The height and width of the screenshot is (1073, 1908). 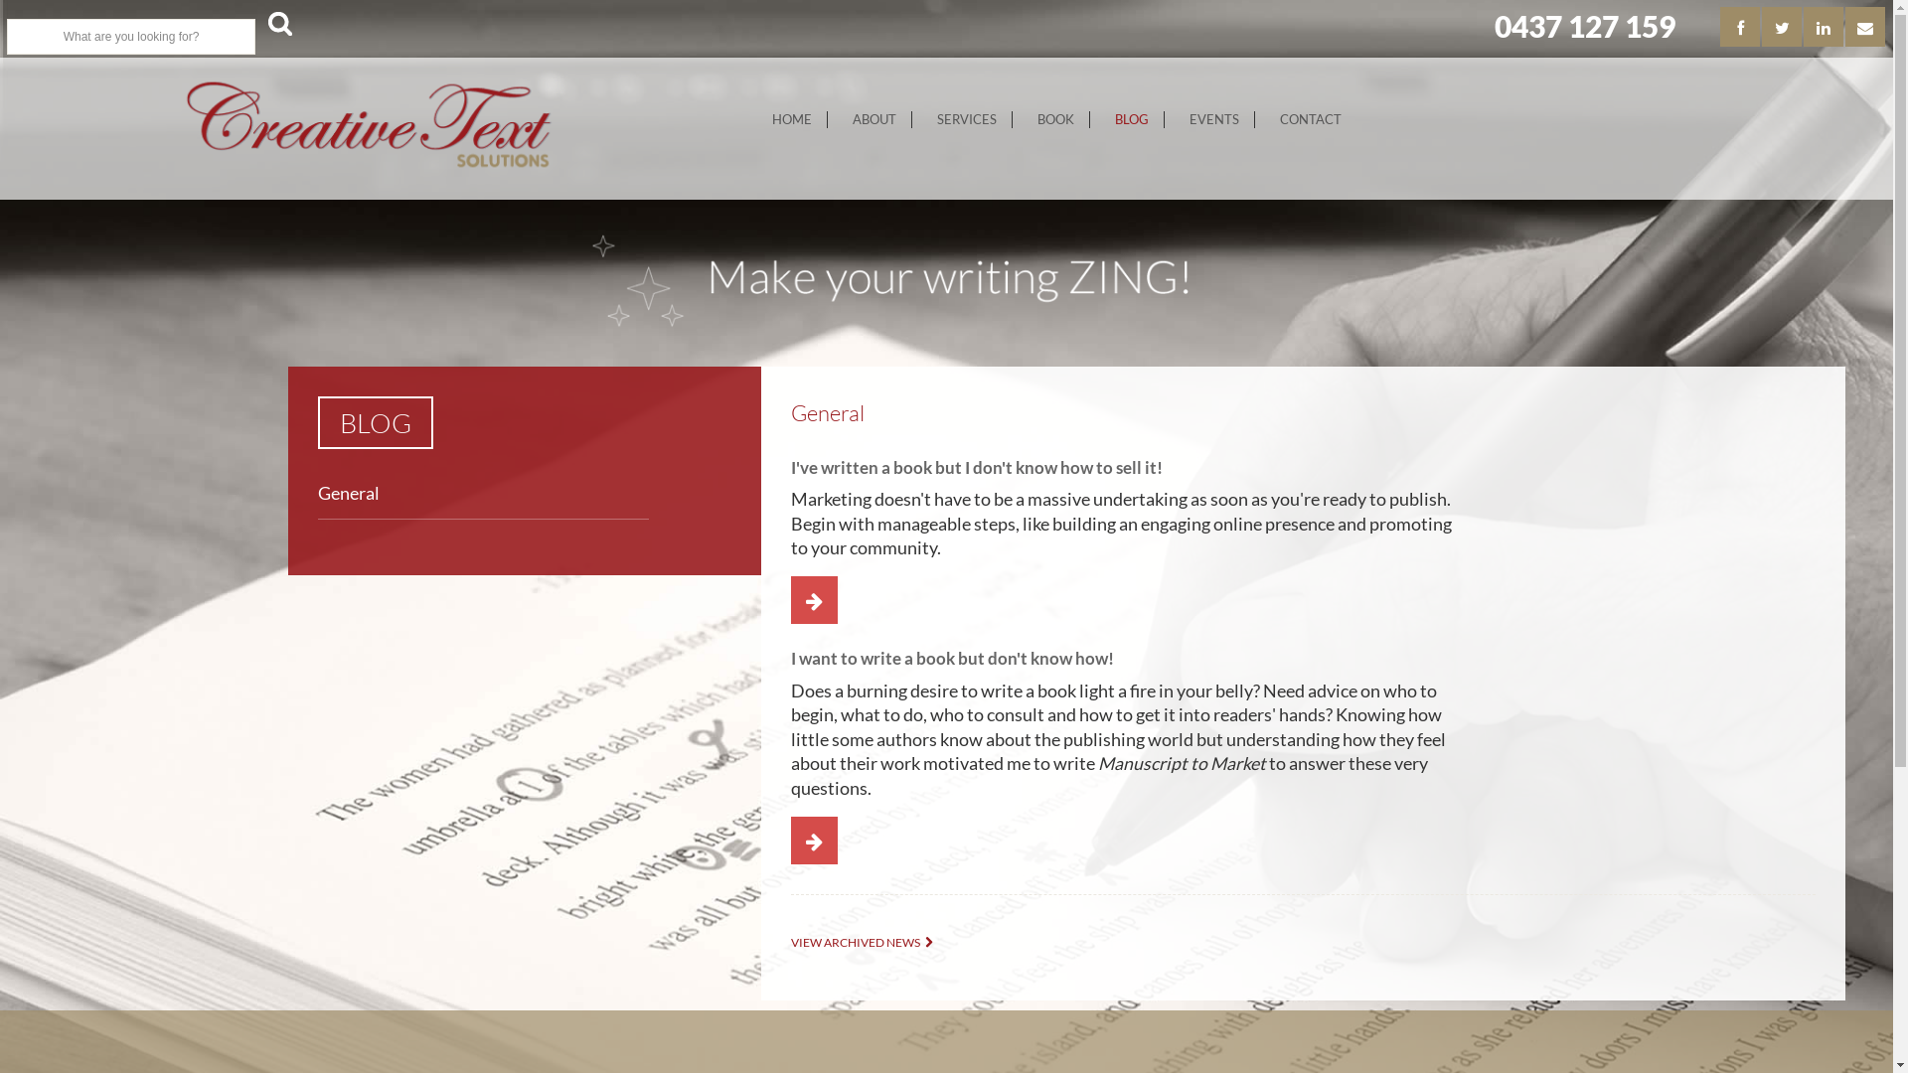 I want to click on 'BOOK', so click(x=1054, y=119).